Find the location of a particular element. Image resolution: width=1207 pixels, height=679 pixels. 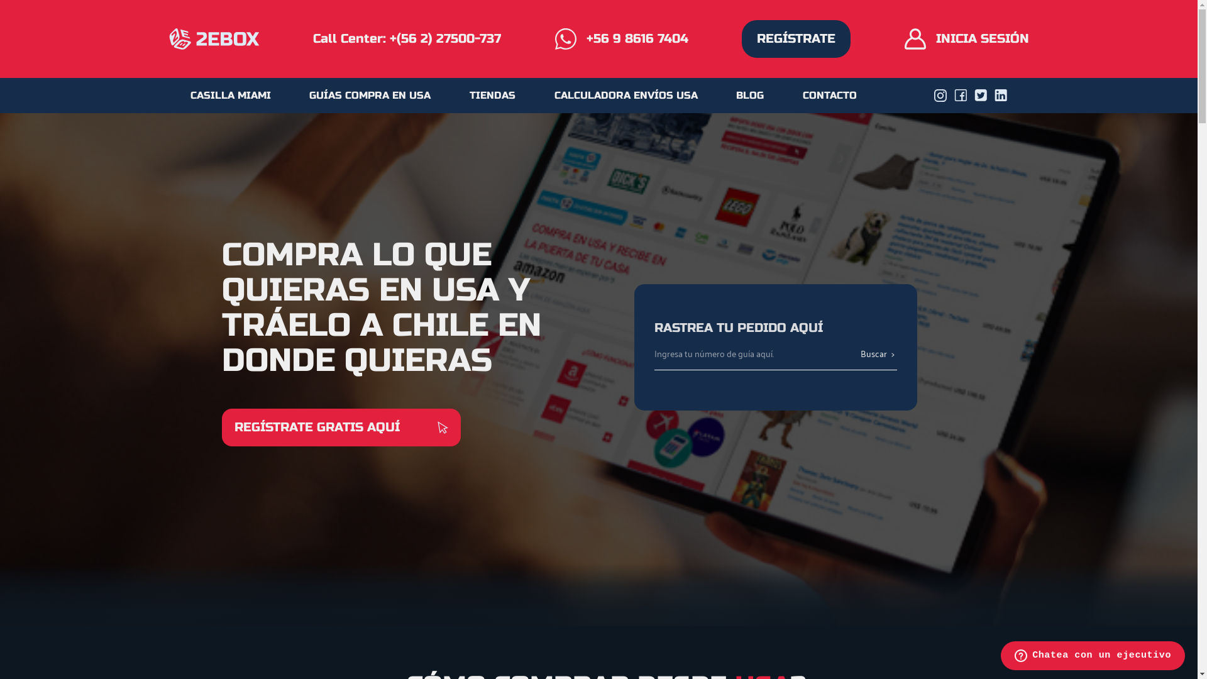

'CONTACTO' is located at coordinates (830, 94).